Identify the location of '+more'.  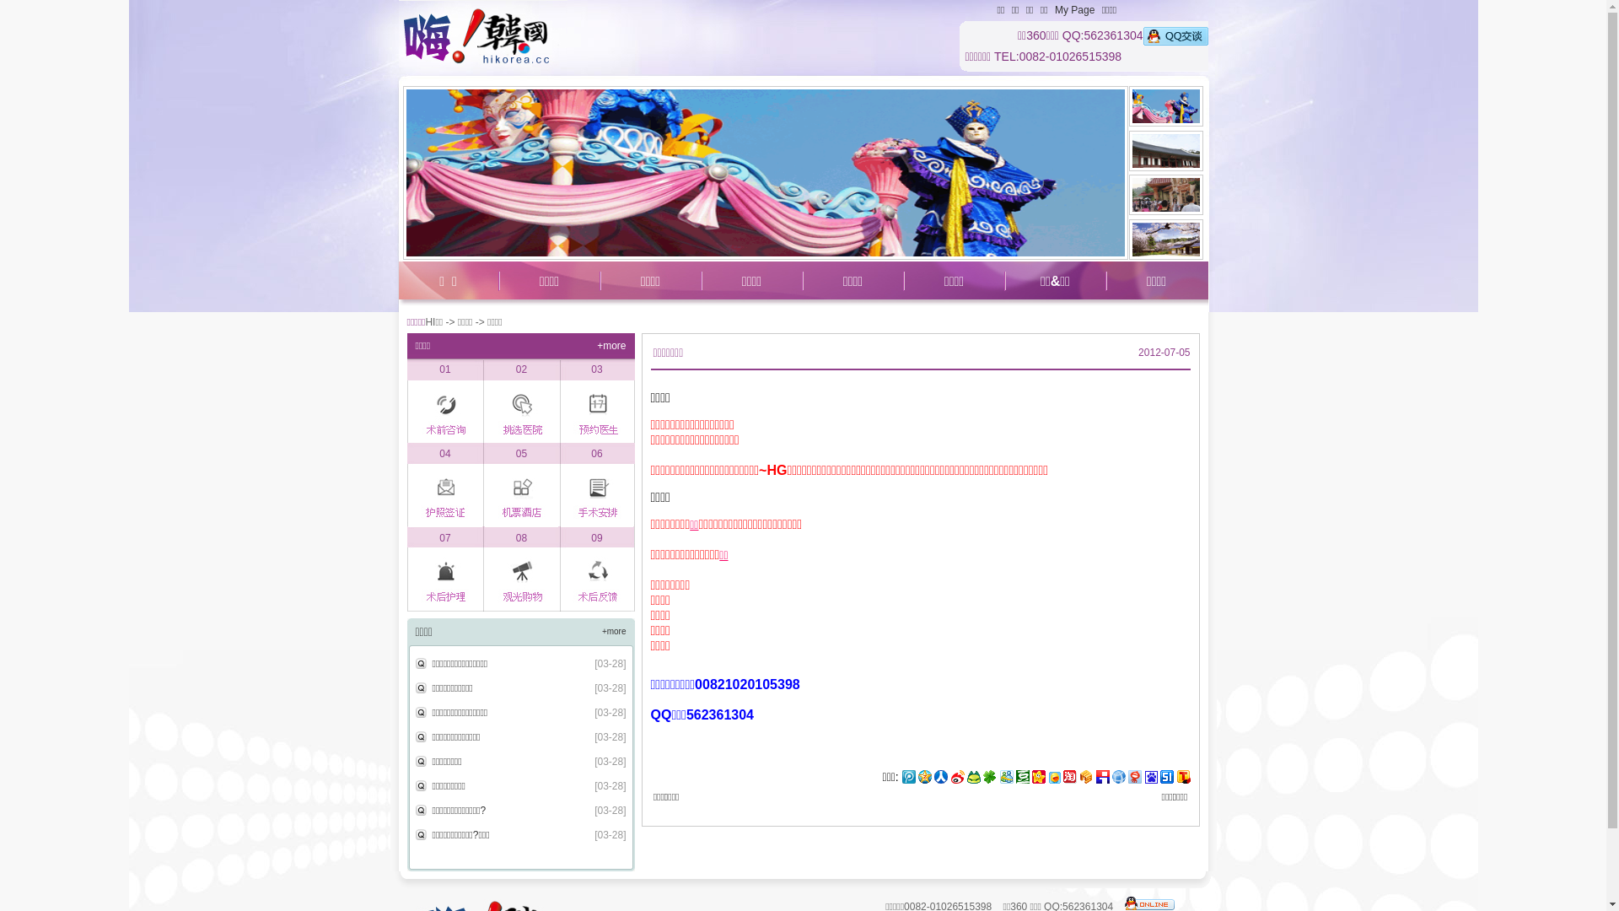
(610, 344).